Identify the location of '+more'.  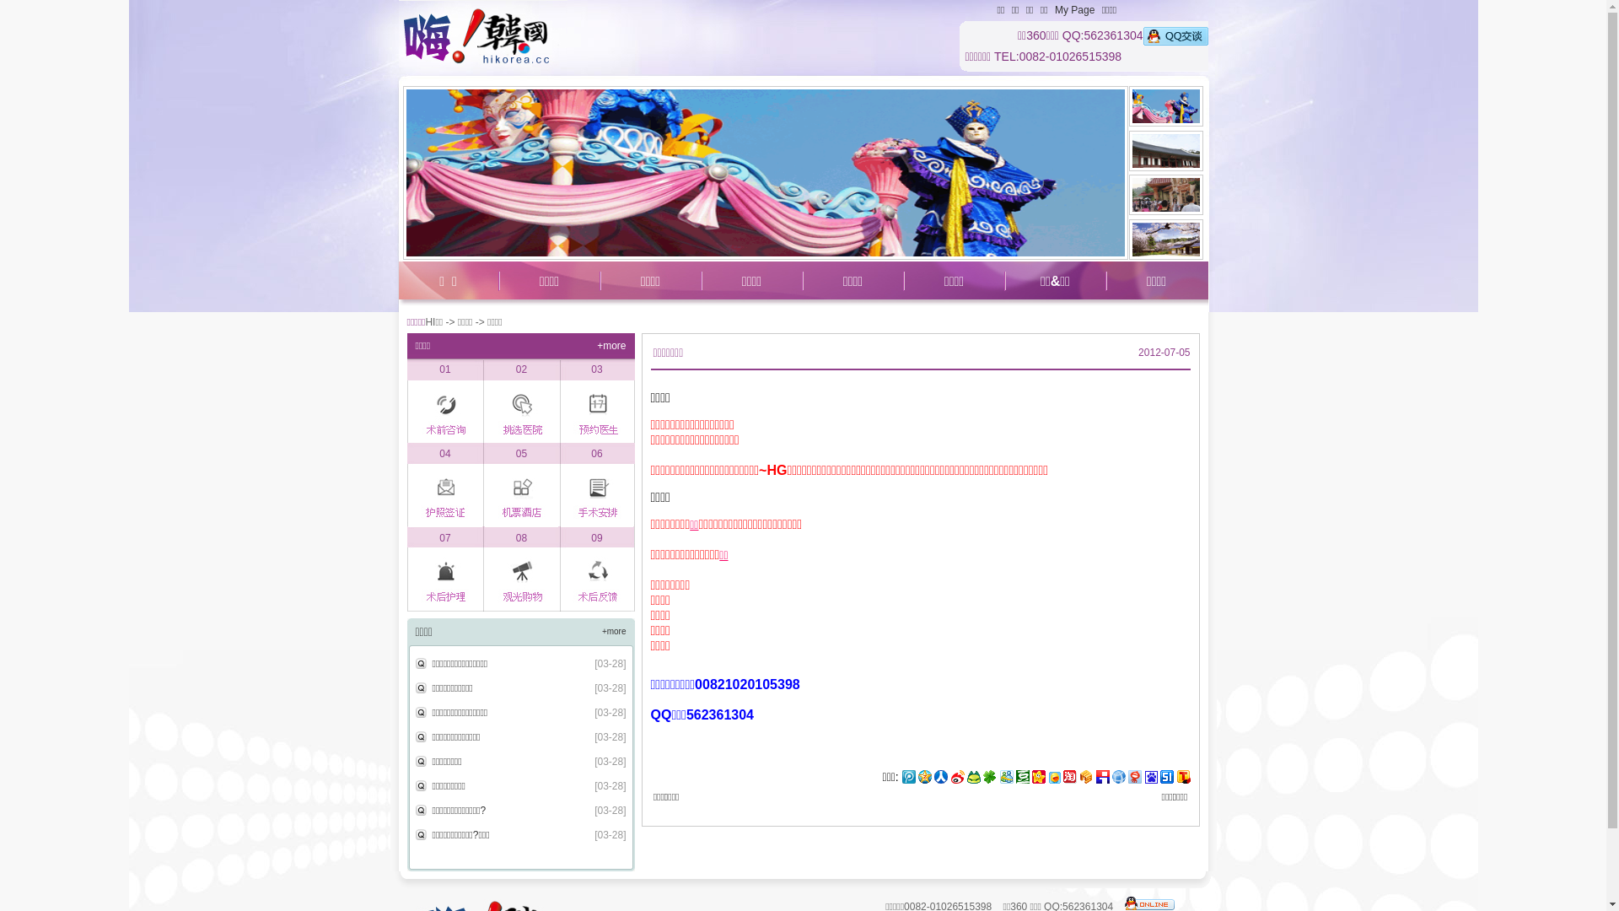
(610, 344).